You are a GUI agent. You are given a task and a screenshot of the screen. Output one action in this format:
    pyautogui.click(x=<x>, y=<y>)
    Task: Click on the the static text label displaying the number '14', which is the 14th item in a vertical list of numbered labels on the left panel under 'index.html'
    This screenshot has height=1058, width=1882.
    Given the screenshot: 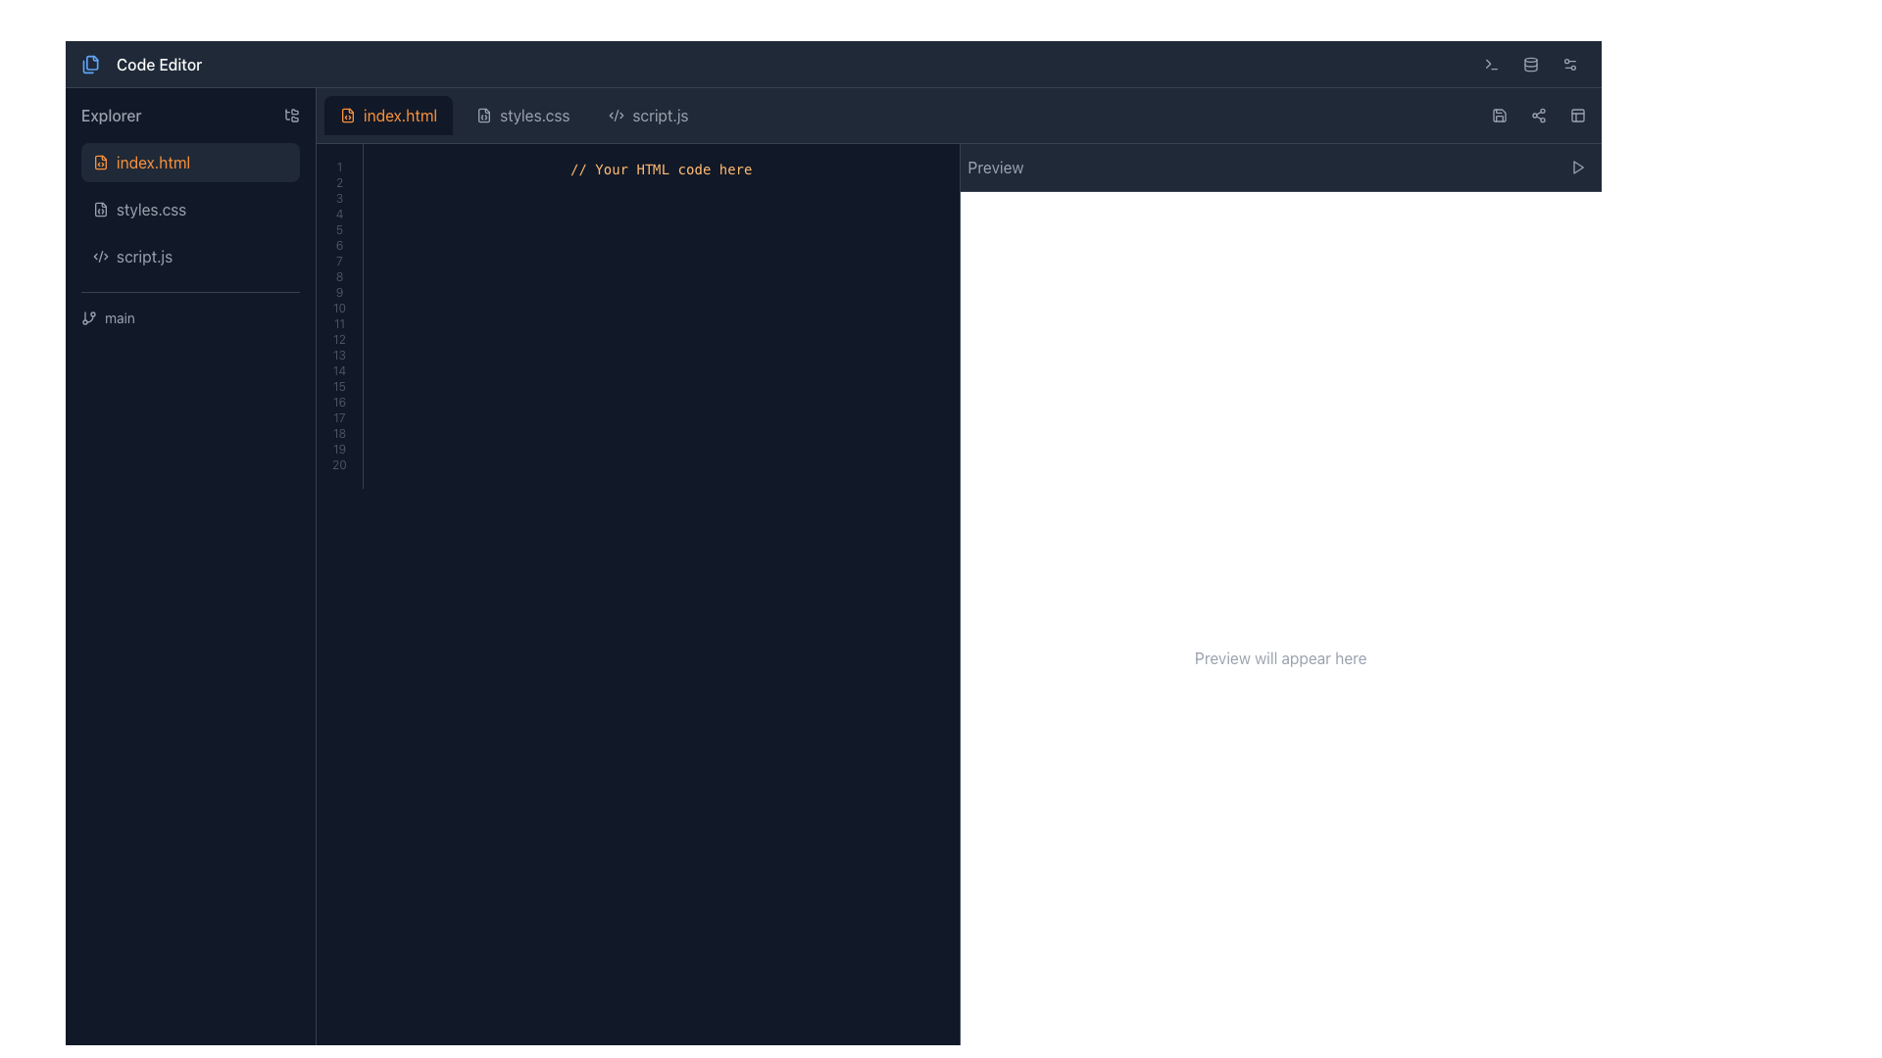 What is the action you would take?
    pyautogui.click(x=339, y=370)
    